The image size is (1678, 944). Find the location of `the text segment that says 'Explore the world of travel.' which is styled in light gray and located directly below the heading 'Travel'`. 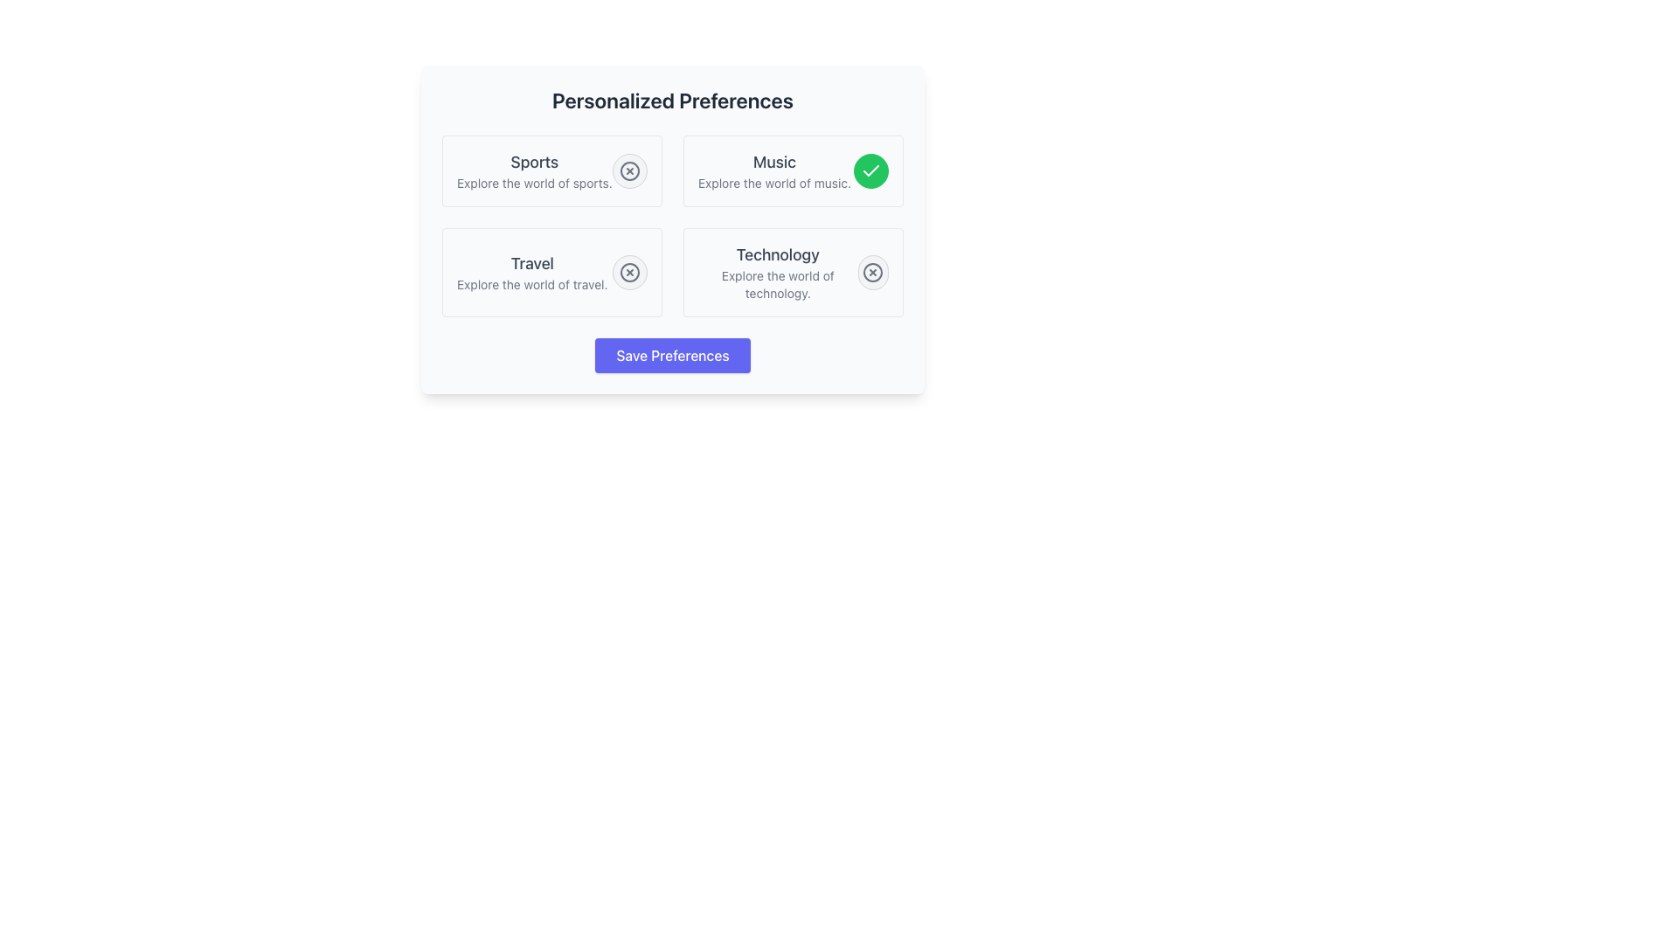

the text segment that says 'Explore the world of travel.' which is styled in light gray and located directly below the heading 'Travel' is located at coordinates (531, 284).